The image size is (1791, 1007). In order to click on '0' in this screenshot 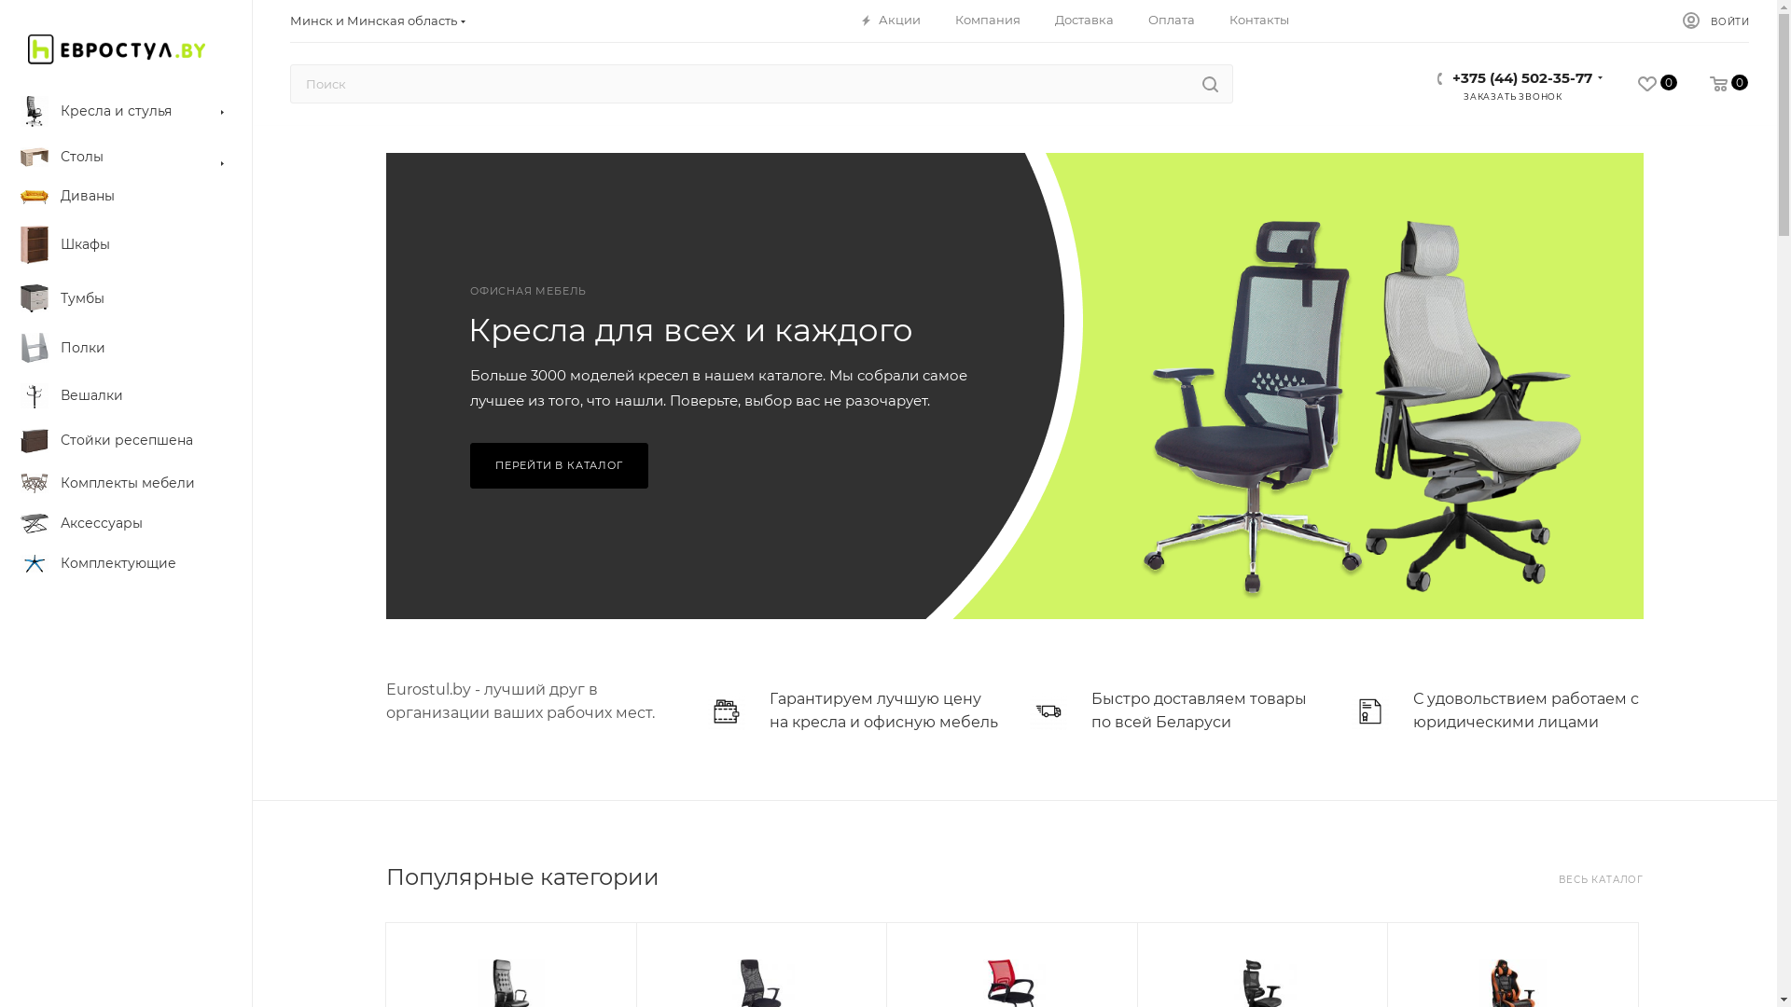, I will do `click(1640, 84)`.